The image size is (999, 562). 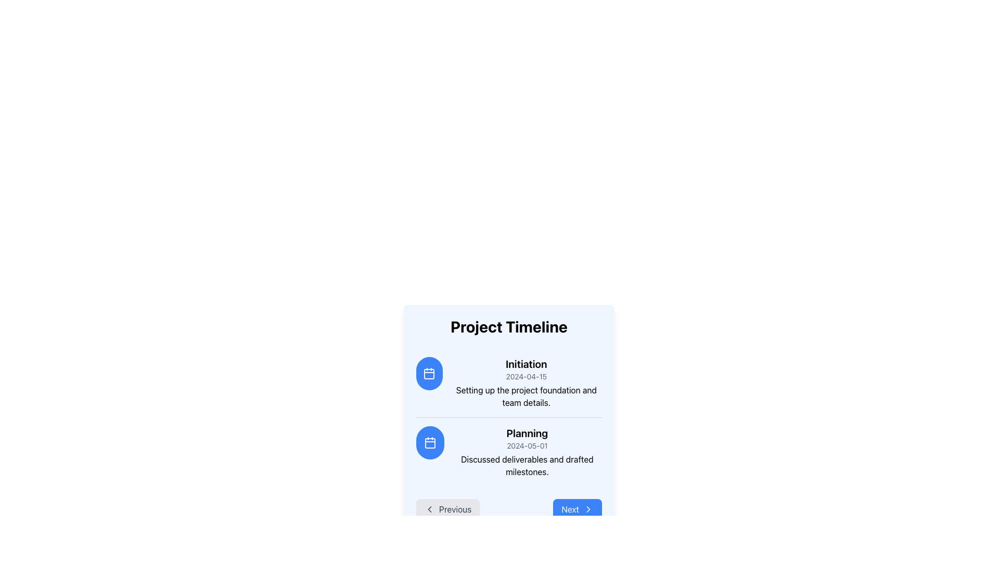 What do you see at coordinates (430, 443) in the screenshot?
I see `the first calendar icon in the project phases list, which has a blue circular background and a white calendar graphic, located at the top of the list labeled 'Initiation'` at bounding box center [430, 443].